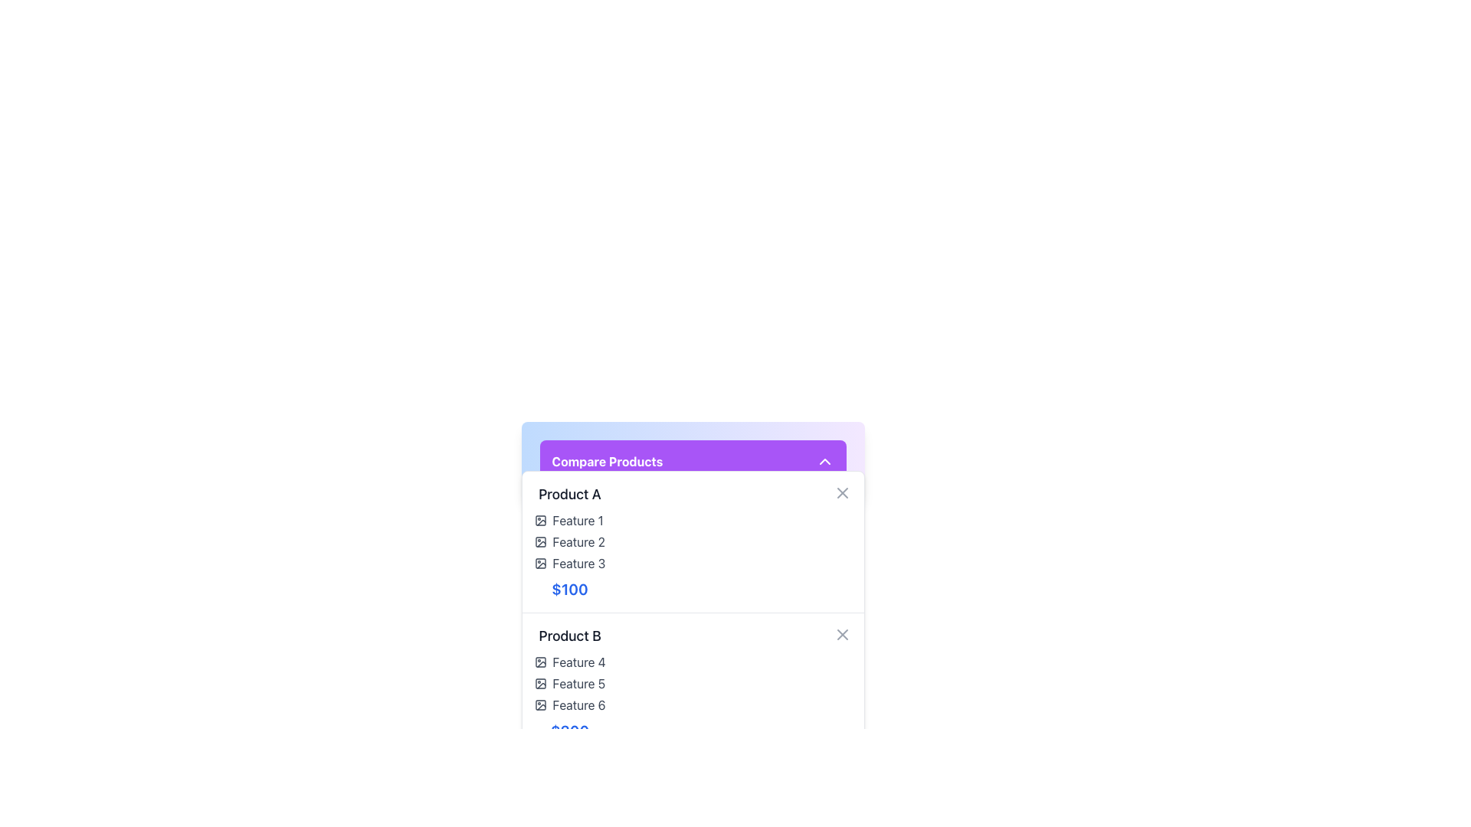 This screenshot has height=827, width=1471. I want to click on the icon representing a picture symbol located in the 'Product B' section, specifically the first item in the row starting with 'Feature 5', so click(540, 683).